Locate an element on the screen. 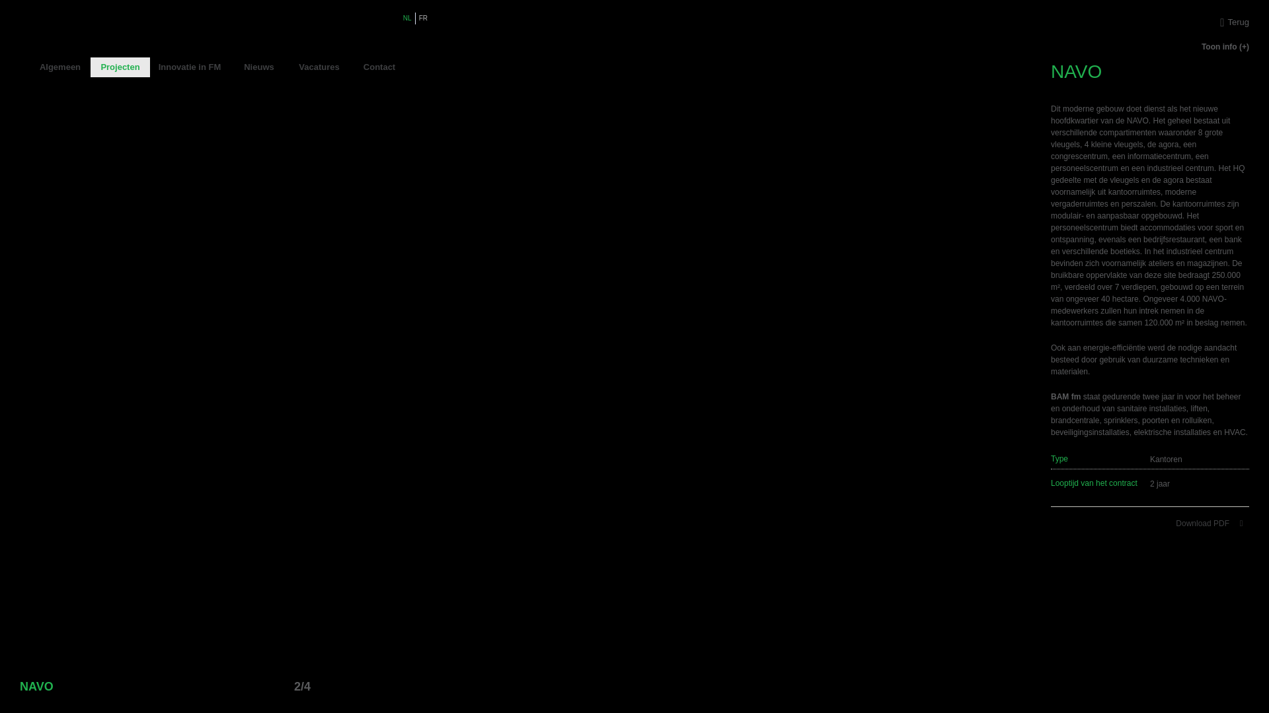 This screenshot has width=1269, height=713. 'Projecten' is located at coordinates (120, 67).